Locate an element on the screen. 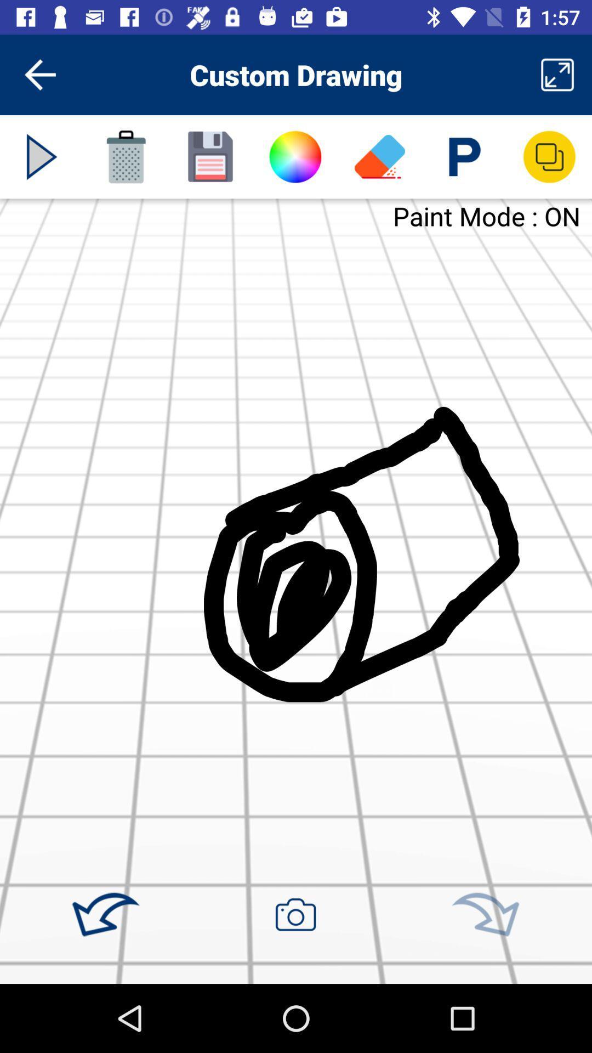  button is located at coordinates (41, 156).